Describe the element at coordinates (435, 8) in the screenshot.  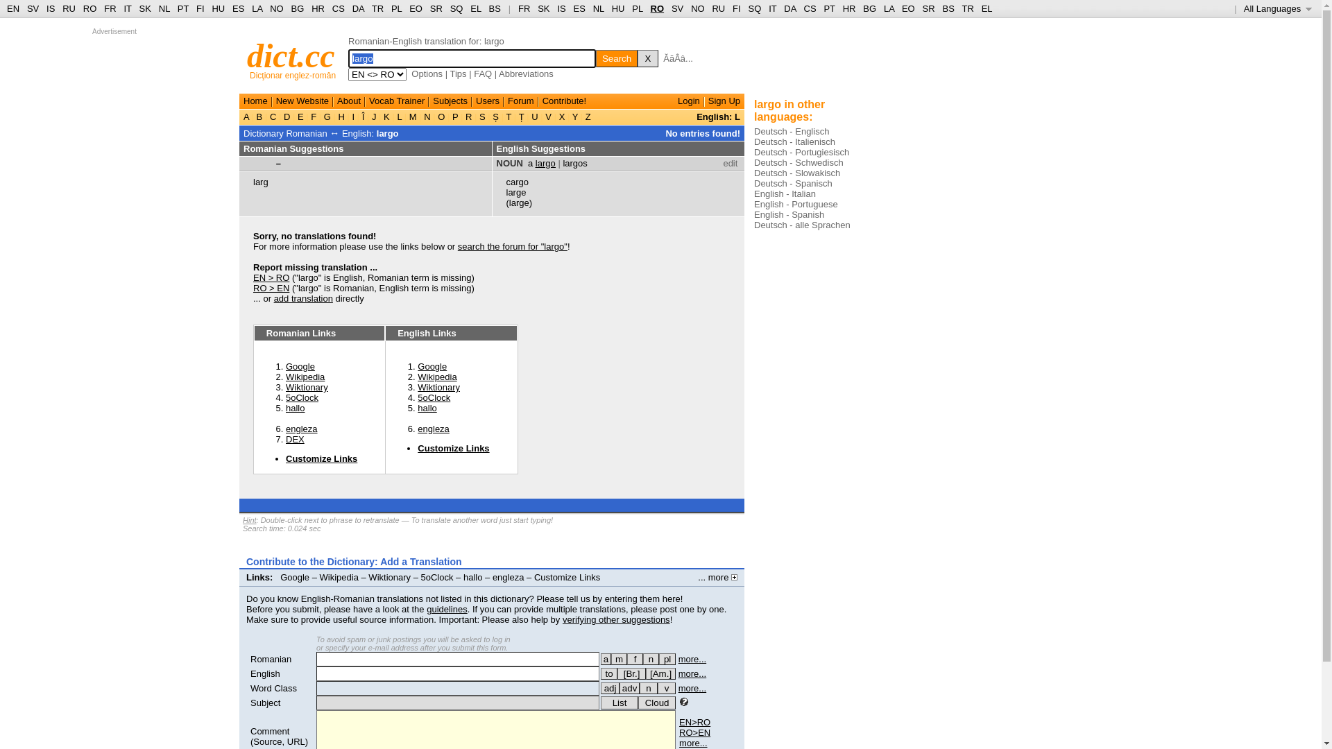
I see `'SR'` at that location.